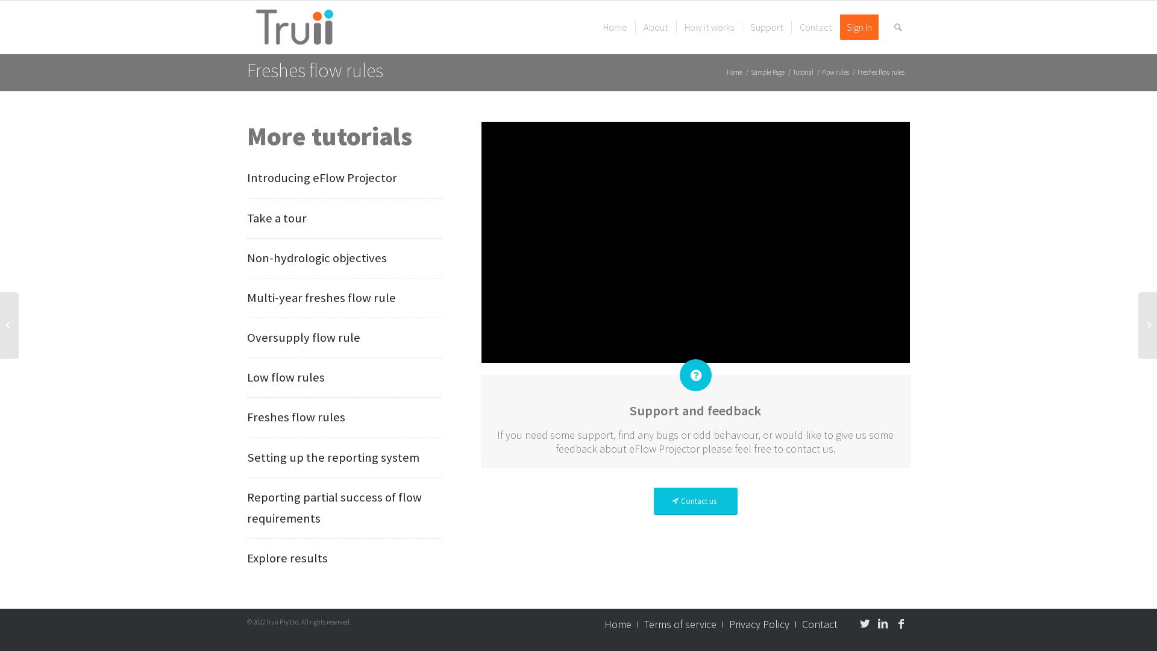 This screenshot has height=651, width=1157. What do you see at coordinates (820, 624) in the screenshot?
I see `'Contact'` at bounding box center [820, 624].